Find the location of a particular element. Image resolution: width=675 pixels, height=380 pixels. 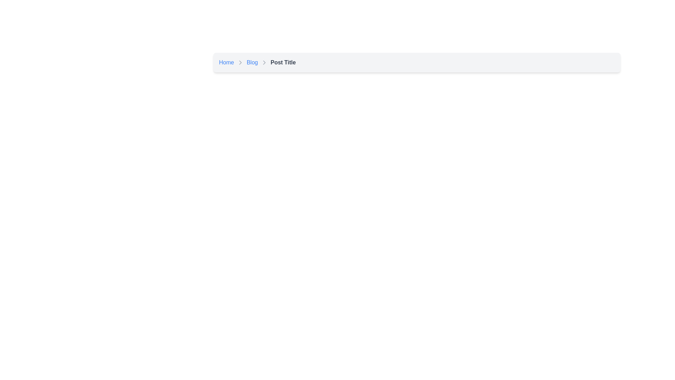

the 'Blog' hyperlink in the breadcrumb navigation bar is located at coordinates (252, 62).